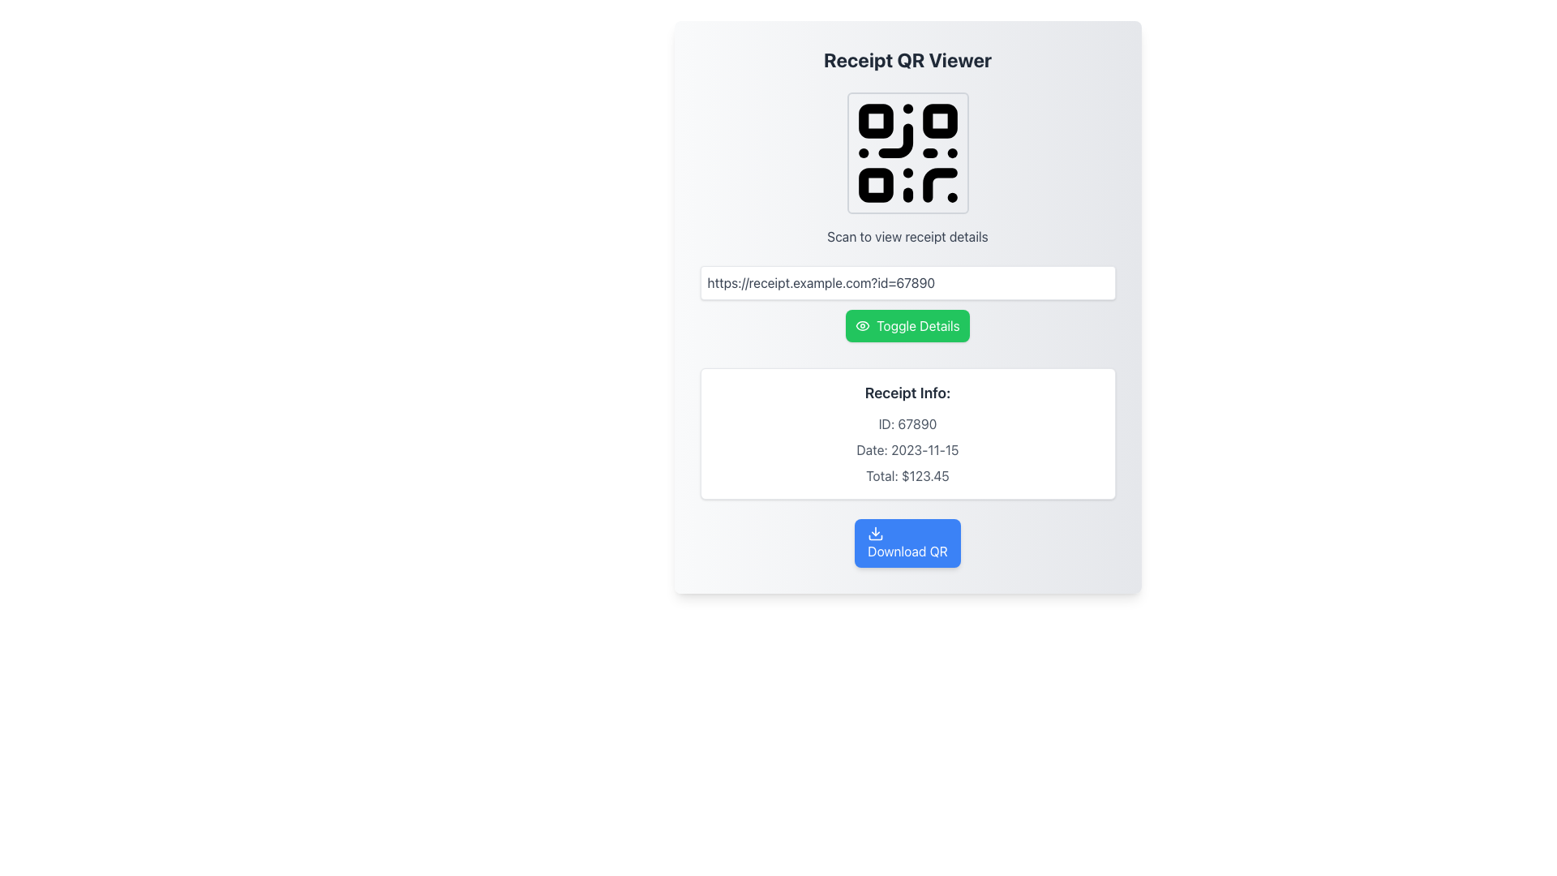  What do you see at coordinates (907, 58) in the screenshot?
I see `the heading text 'Receipt QR Viewer' which is styled in a large and bold font at the top of the centered panel` at bounding box center [907, 58].